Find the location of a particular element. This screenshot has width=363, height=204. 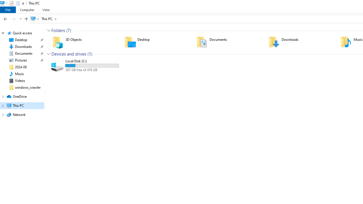

'Space used' is located at coordinates (92, 65).